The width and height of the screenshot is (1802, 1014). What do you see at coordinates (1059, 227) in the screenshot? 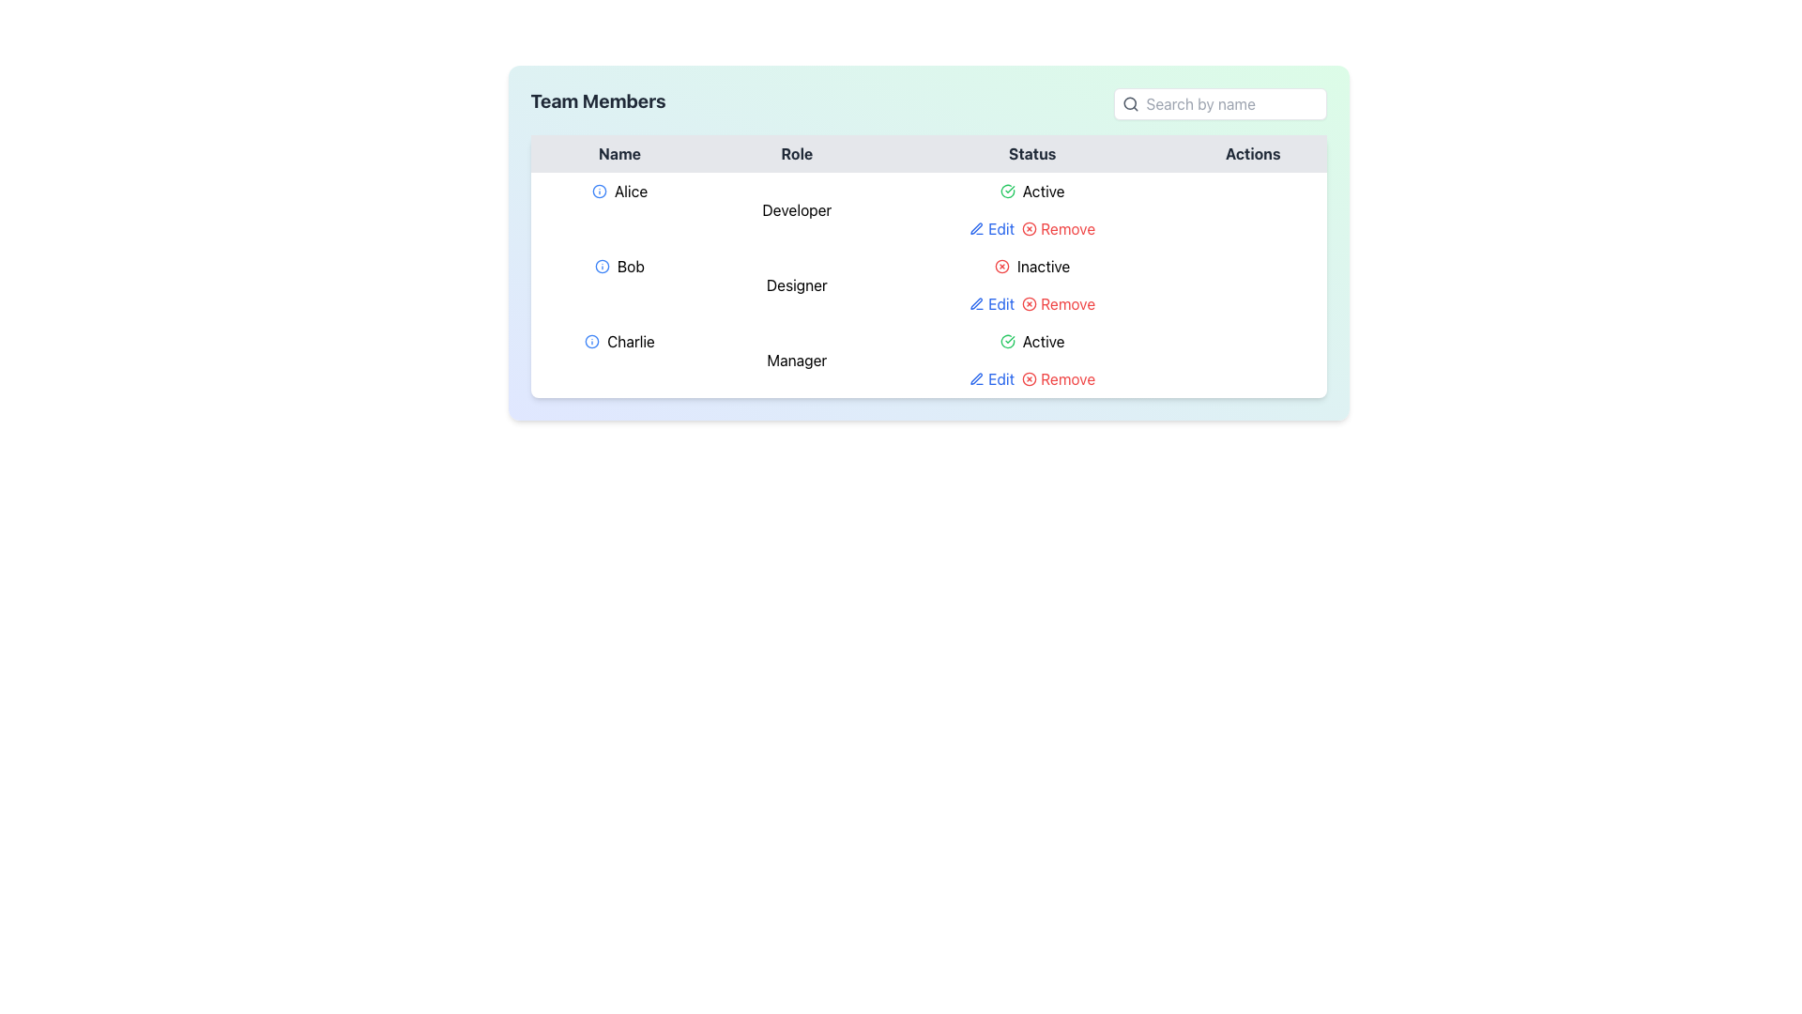
I see `the interactive link button in the 'Actions' column of the 'Team Members' section to trigger visual styling changes, located adjacent to the 'Edit' option for the 'Developer' entry` at bounding box center [1059, 227].